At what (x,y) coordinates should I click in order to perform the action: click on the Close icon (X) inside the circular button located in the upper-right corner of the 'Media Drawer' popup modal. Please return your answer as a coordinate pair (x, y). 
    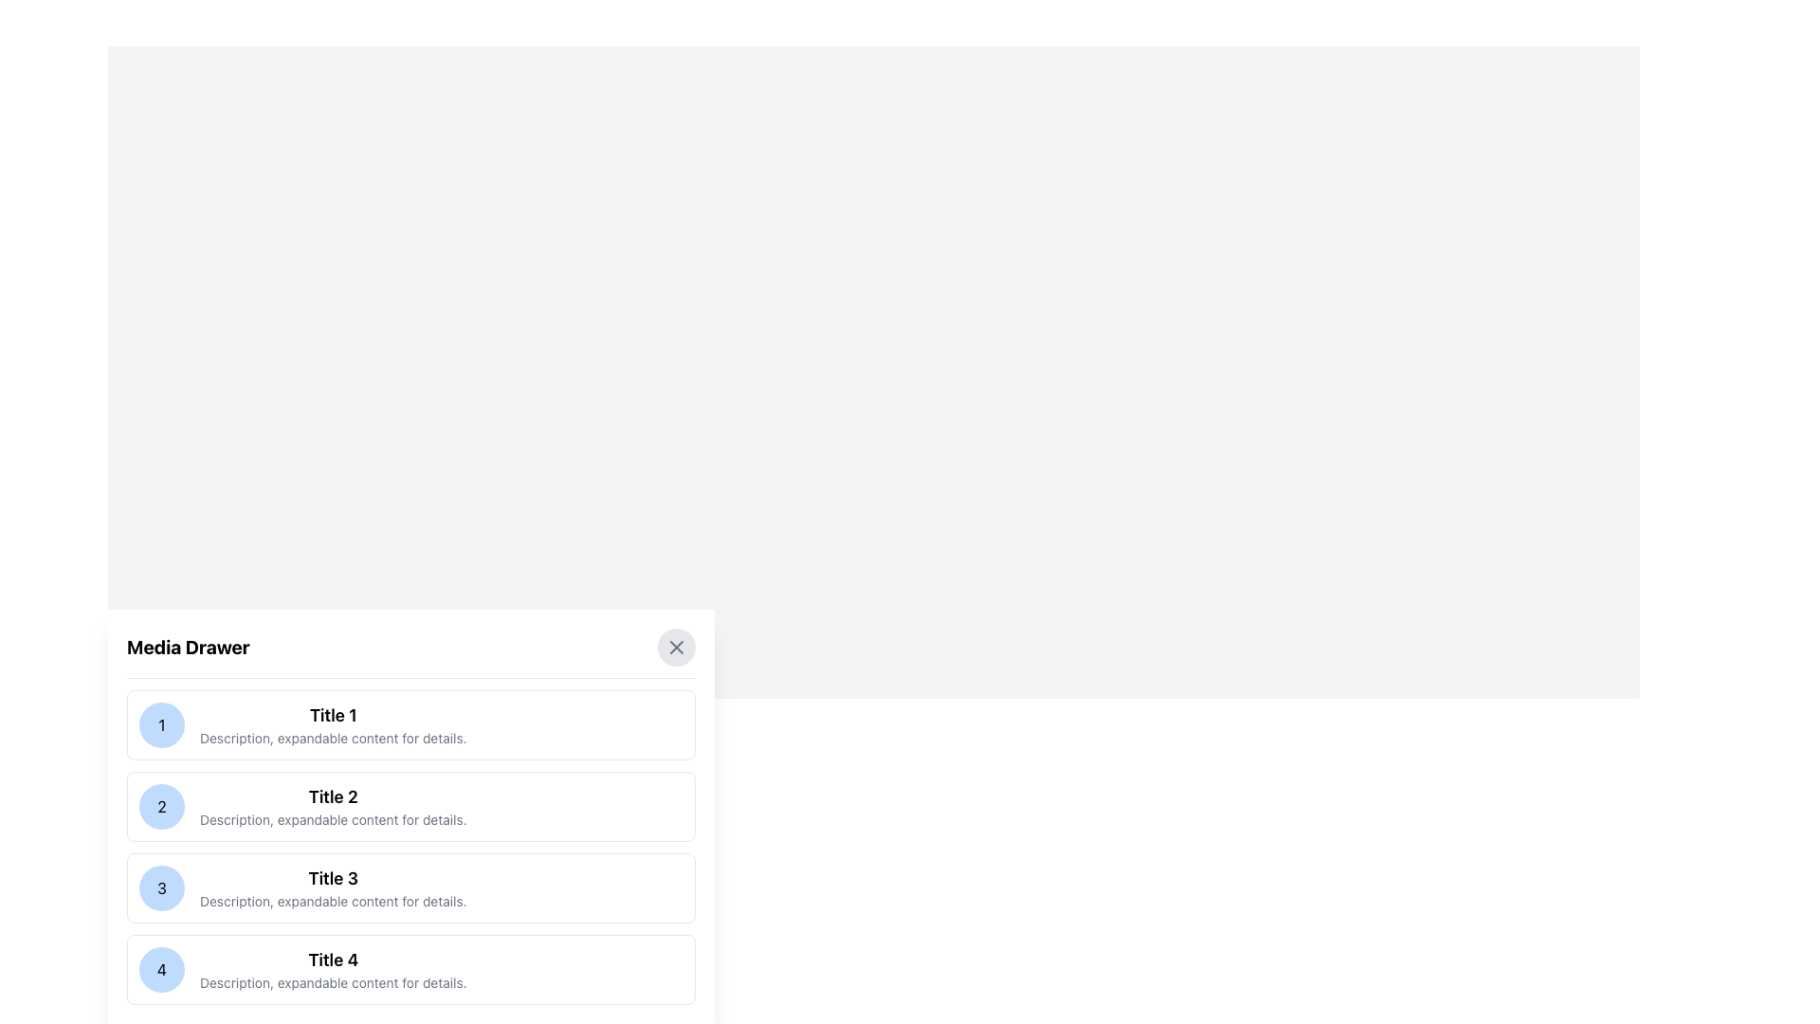
    Looking at the image, I should click on (677, 646).